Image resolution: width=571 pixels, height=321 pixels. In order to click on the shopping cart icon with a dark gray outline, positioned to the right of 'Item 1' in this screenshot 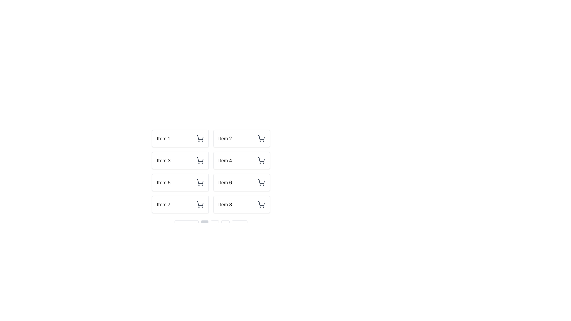, I will do `click(200, 139)`.